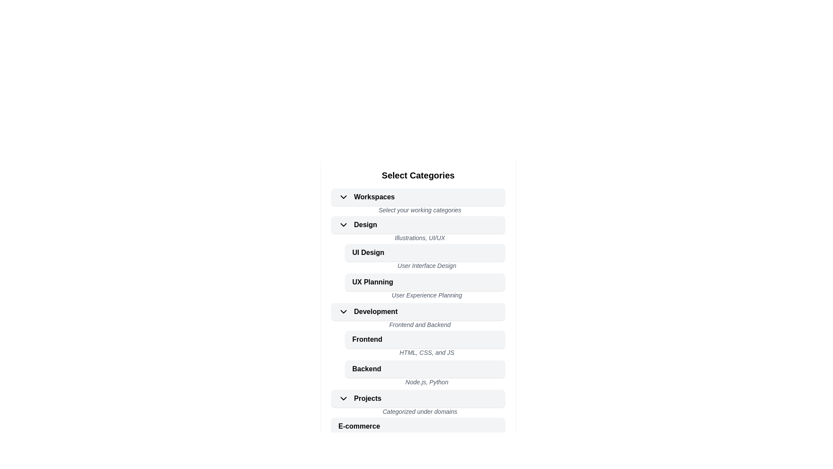 Image resolution: width=833 pixels, height=469 pixels. Describe the element at coordinates (345, 197) in the screenshot. I see `the downward-facing chevron icon adjacent to the 'Workspaces' text` at that location.